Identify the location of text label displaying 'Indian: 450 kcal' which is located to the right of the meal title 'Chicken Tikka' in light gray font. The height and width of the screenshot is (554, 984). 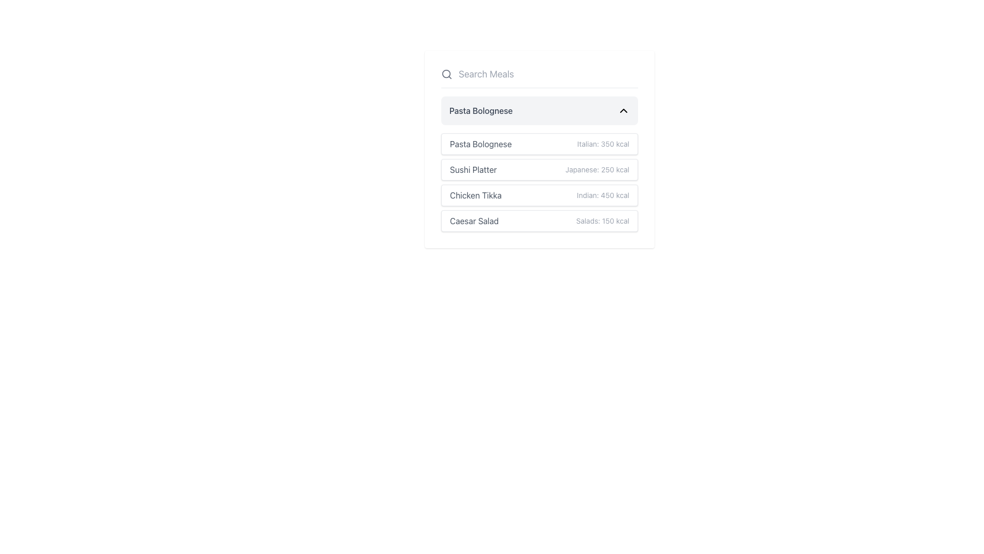
(603, 195).